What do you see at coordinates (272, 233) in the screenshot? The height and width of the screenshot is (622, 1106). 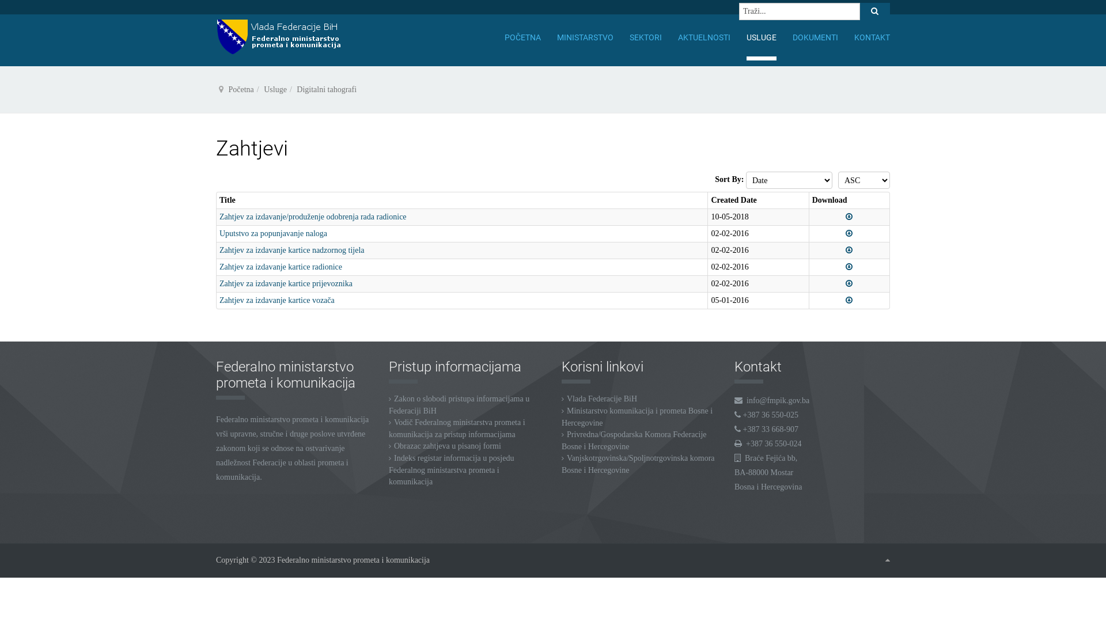 I see `'Uputstvo za popunjavanje naloga'` at bounding box center [272, 233].